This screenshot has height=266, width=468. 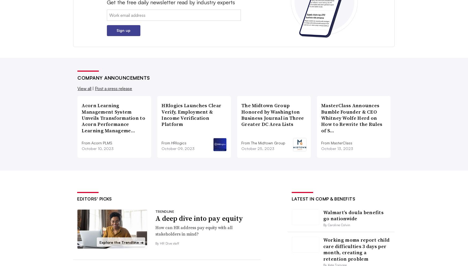 What do you see at coordinates (119, 242) in the screenshot?
I see `'Explore the Trendline'` at bounding box center [119, 242].